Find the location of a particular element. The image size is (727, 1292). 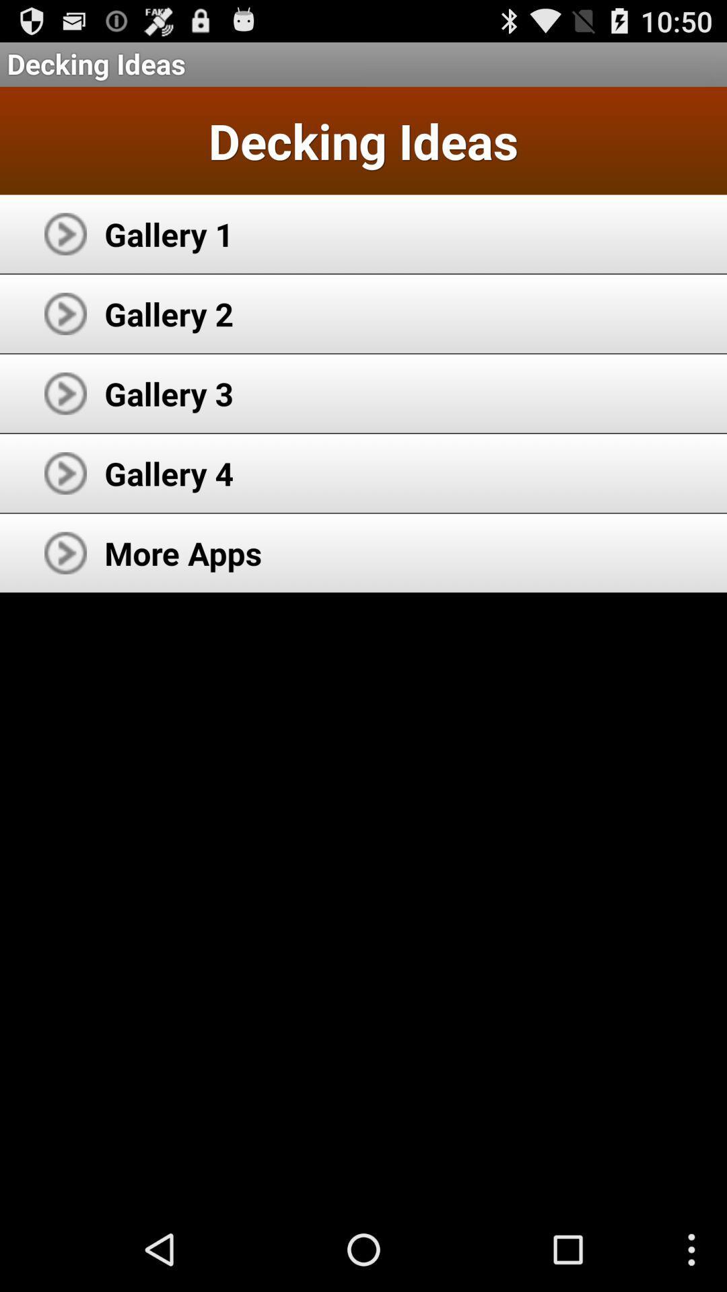

gallery 3 item is located at coordinates (168, 393).